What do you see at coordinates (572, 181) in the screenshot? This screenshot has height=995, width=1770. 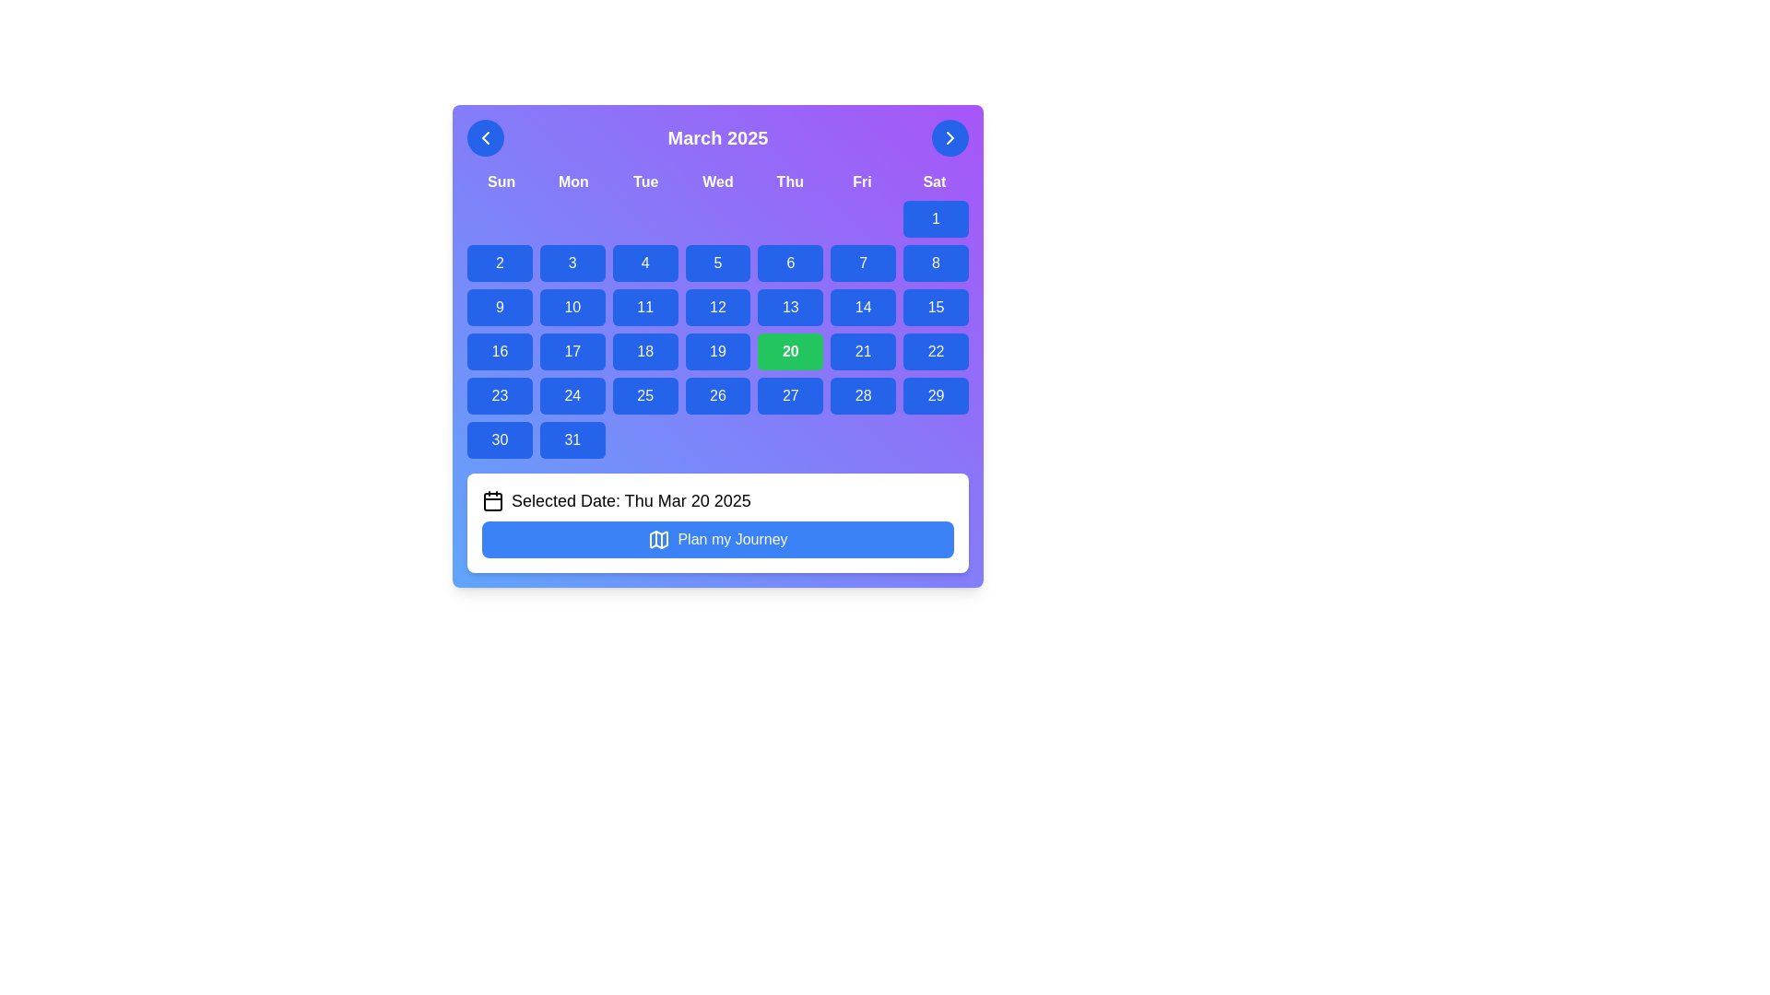 I see `the 'Mon' label in the calendar interface, which is the second weekday label positioned between 'Sun' and 'Tue'` at bounding box center [572, 181].